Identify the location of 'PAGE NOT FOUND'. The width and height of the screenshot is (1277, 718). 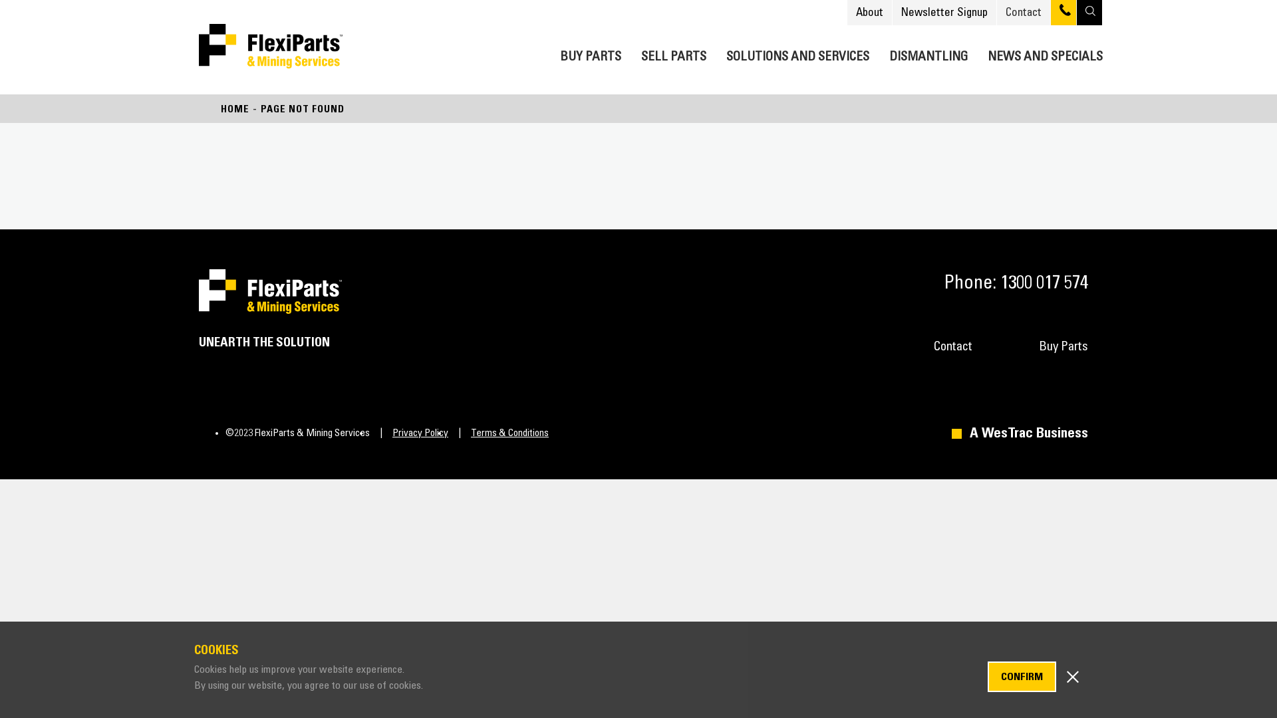
(302, 108).